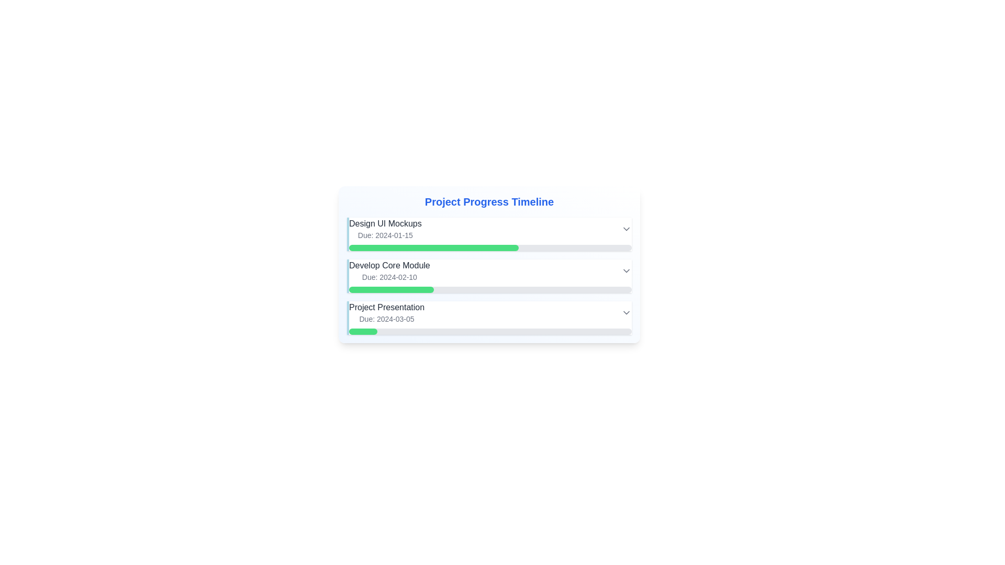 The image size is (1005, 565). Describe the element at coordinates (385, 229) in the screenshot. I see `the Text display element that provides information about the task 'Design UI Mockups' and its due date '2024-01-15', located under the header 'Project Progress Timeline'` at that location.